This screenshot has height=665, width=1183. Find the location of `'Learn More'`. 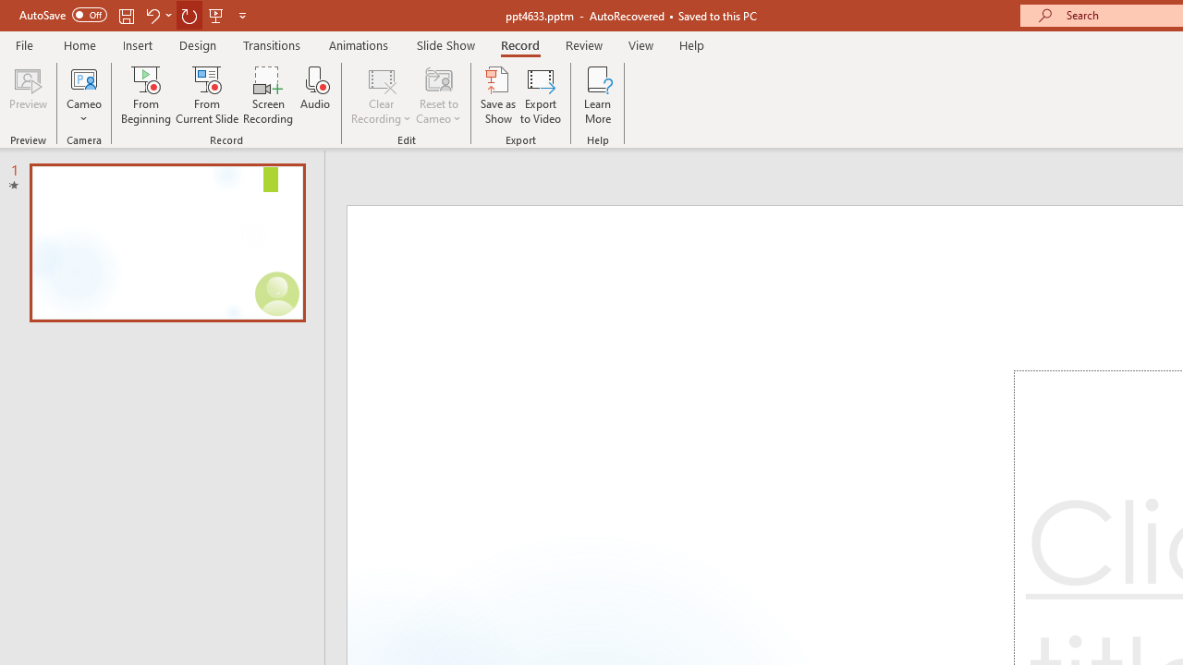

'Learn More' is located at coordinates (598, 95).